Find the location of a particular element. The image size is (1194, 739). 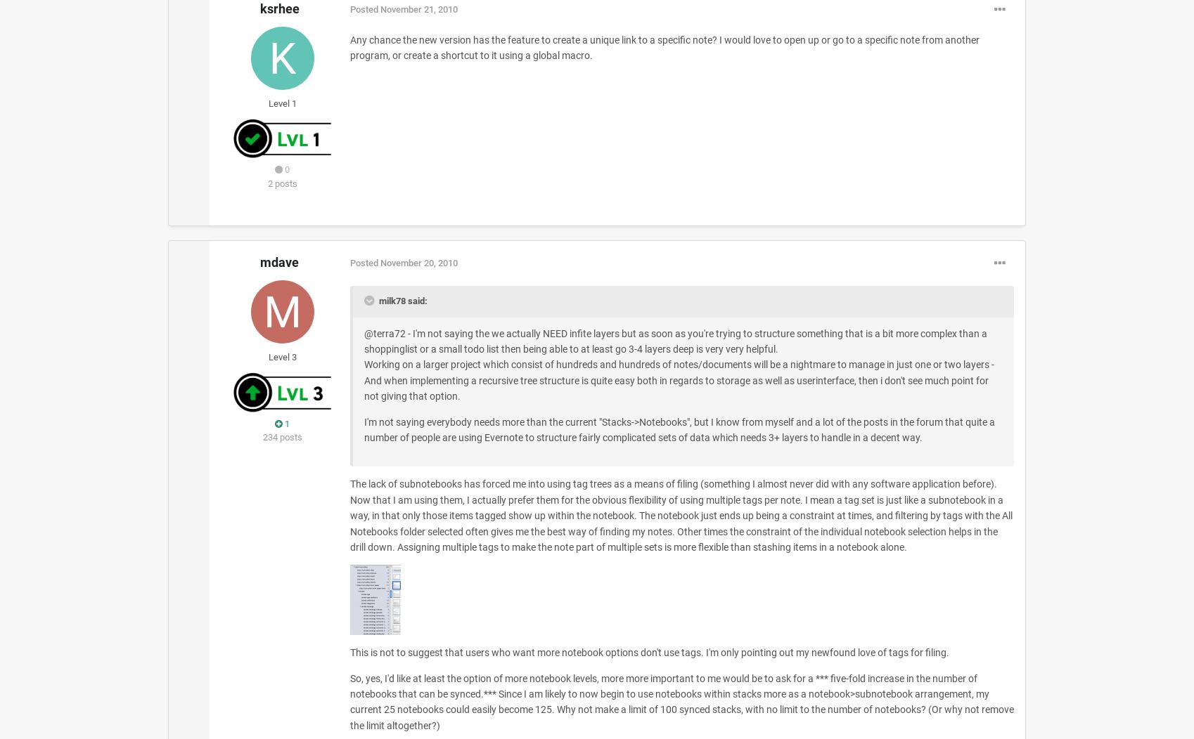

'1' is located at coordinates (282, 422).